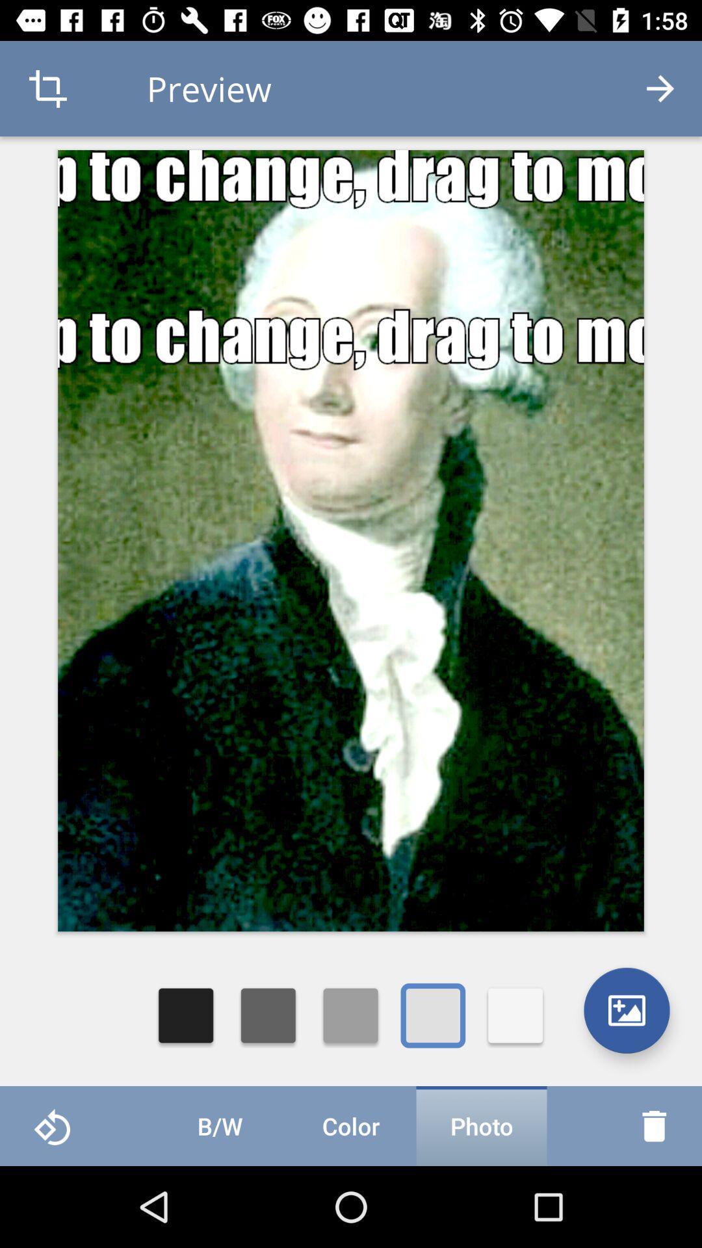 This screenshot has width=702, height=1248. Describe the element at coordinates (654, 1125) in the screenshot. I see `the delete icon` at that location.